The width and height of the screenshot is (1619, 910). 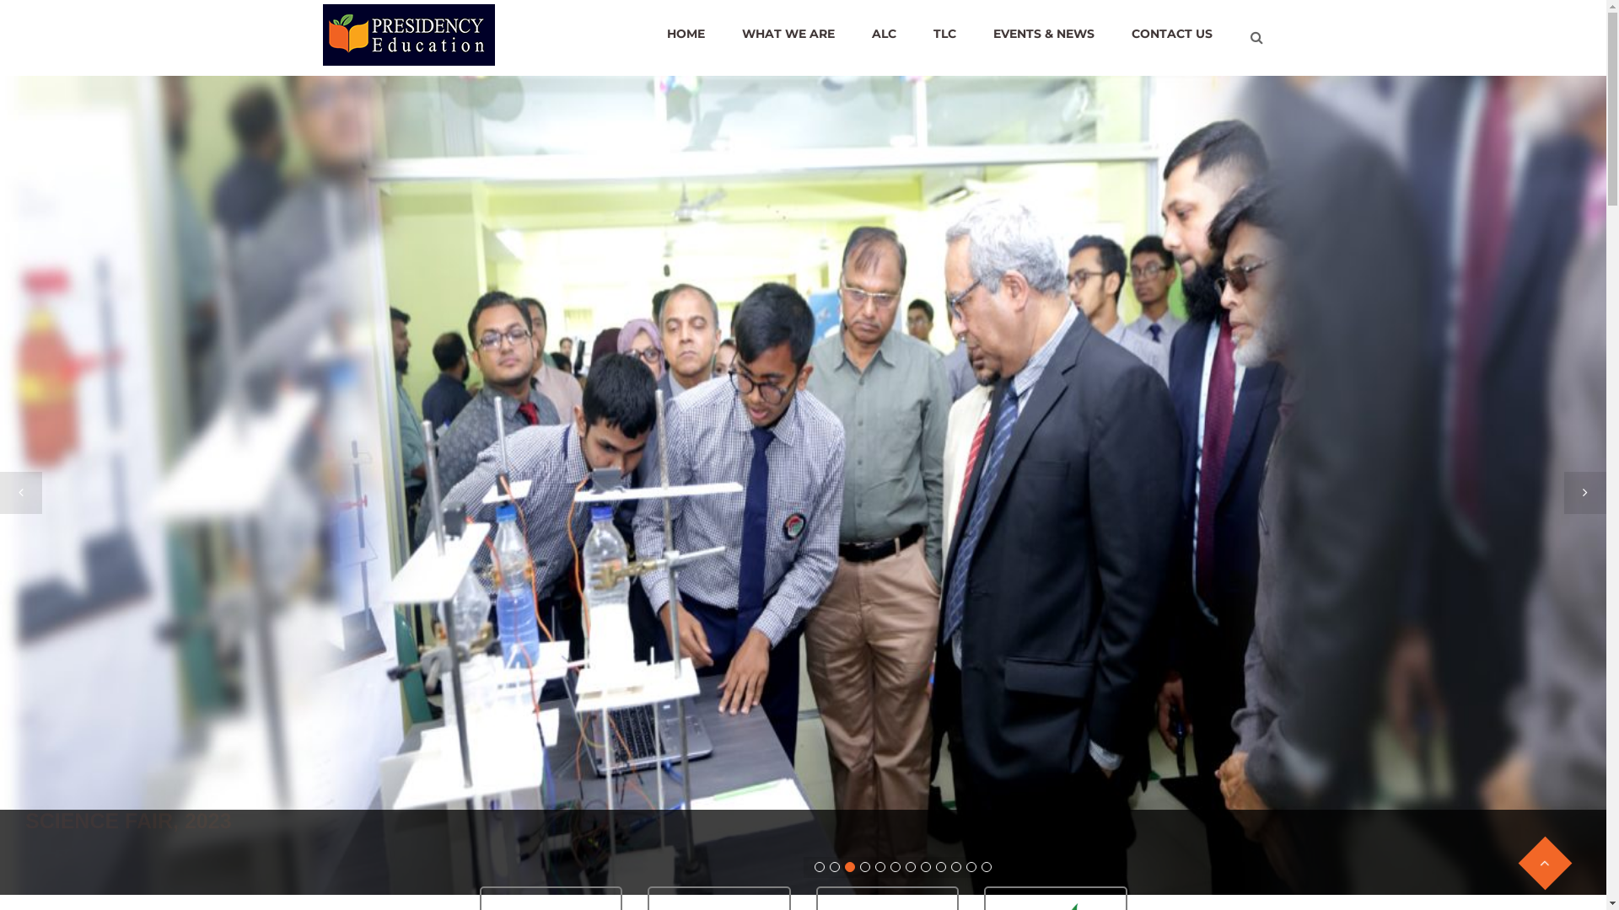 What do you see at coordinates (987, 867) in the screenshot?
I see `'12'` at bounding box center [987, 867].